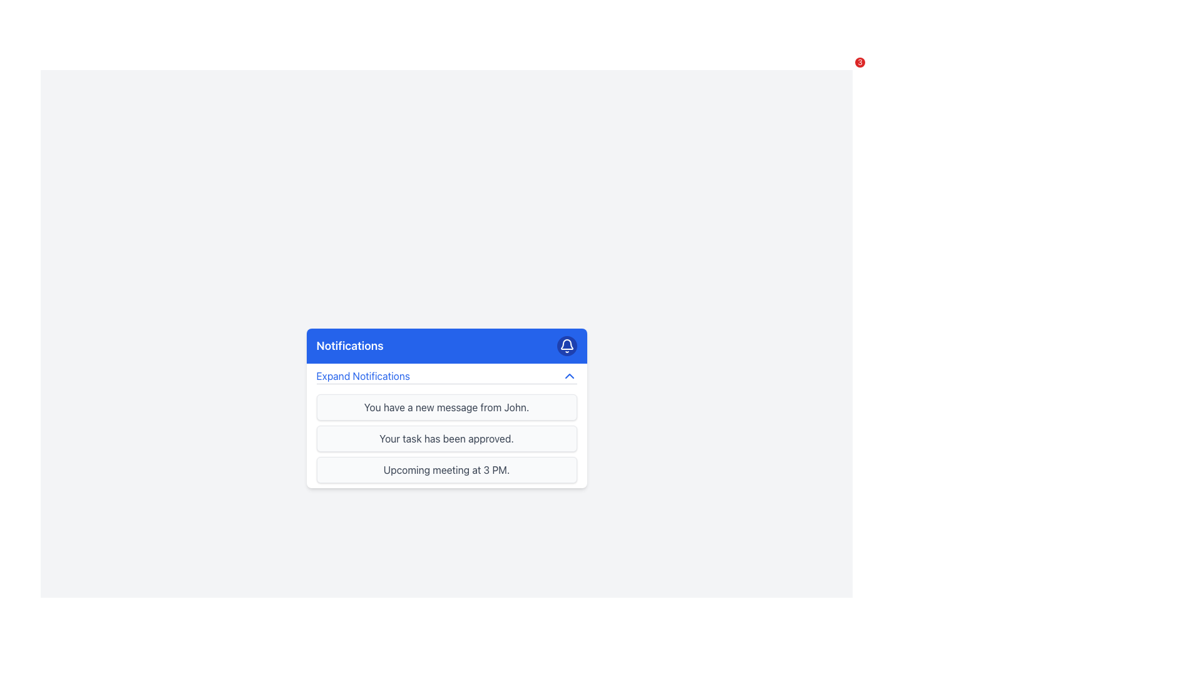 Image resolution: width=1202 pixels, height=676 pixels. Describe the element at coordinates (446, 438) in the screenshot. I see `the Text Notification Box that displays a message indicating a task has been approved, which is the second item in the list of notifications` at that location.